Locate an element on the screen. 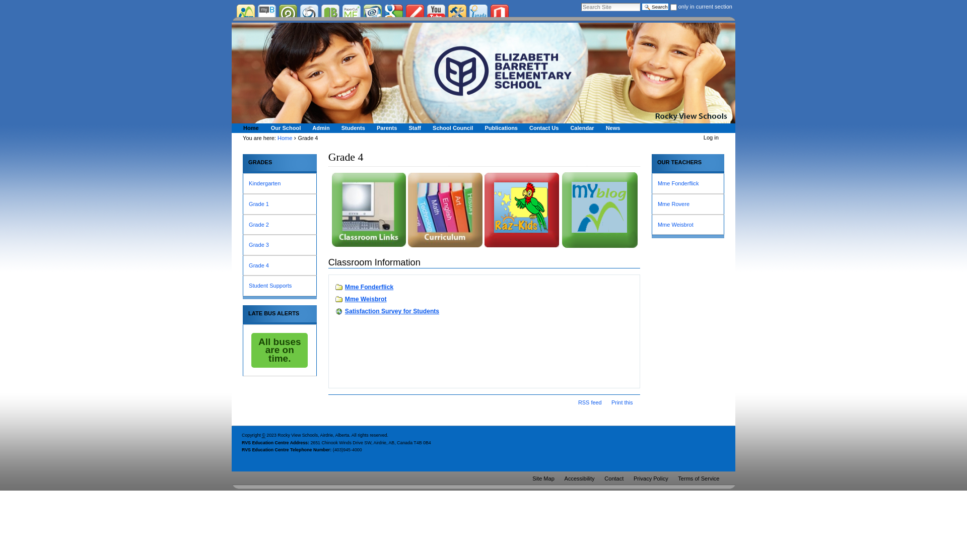 This screenshot has width=967, height=544. 'Mme Fonderflick' is located at coordinates (687, 183).